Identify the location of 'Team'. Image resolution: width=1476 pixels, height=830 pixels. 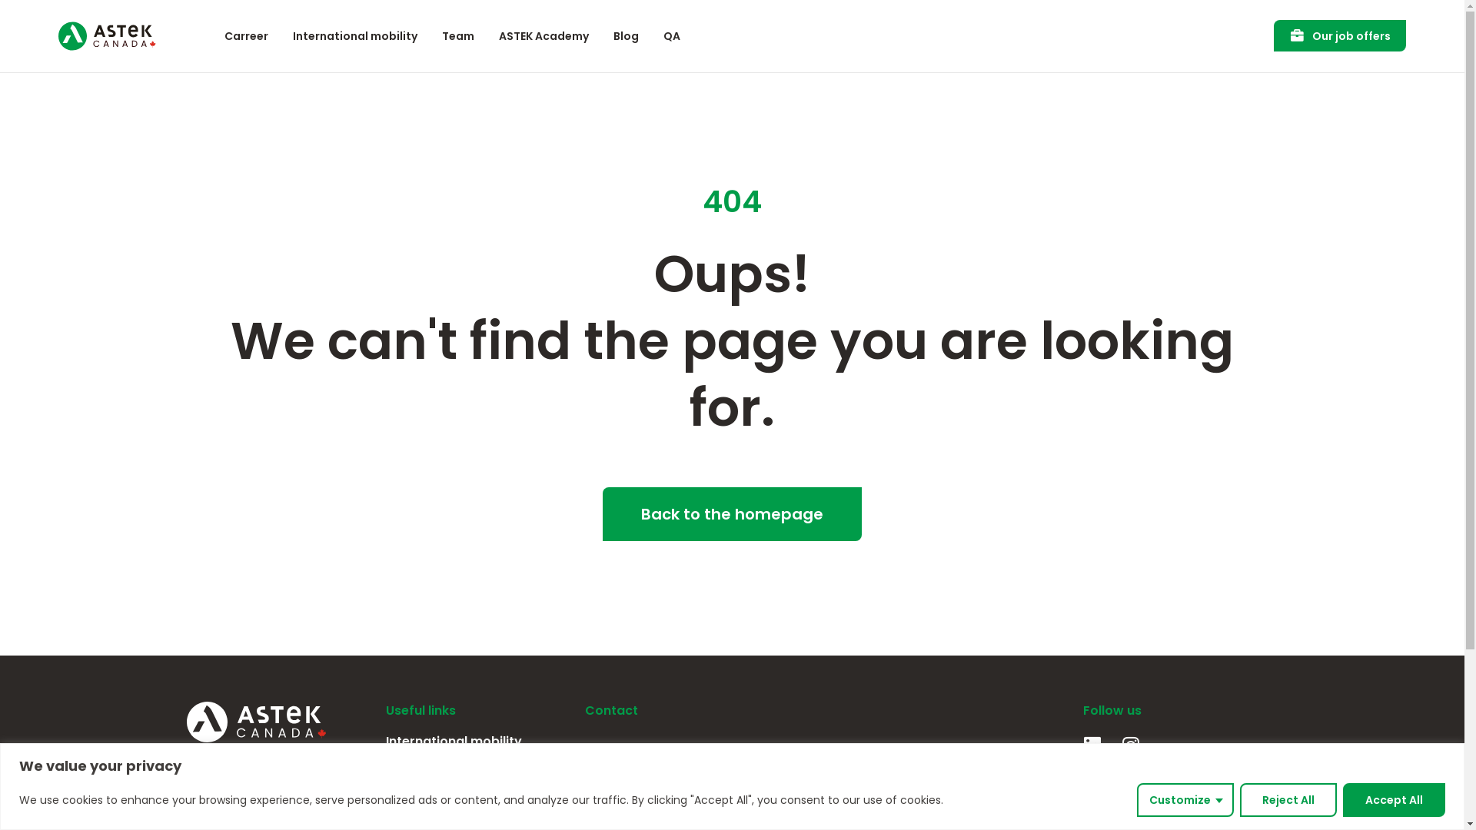
(457, 35).